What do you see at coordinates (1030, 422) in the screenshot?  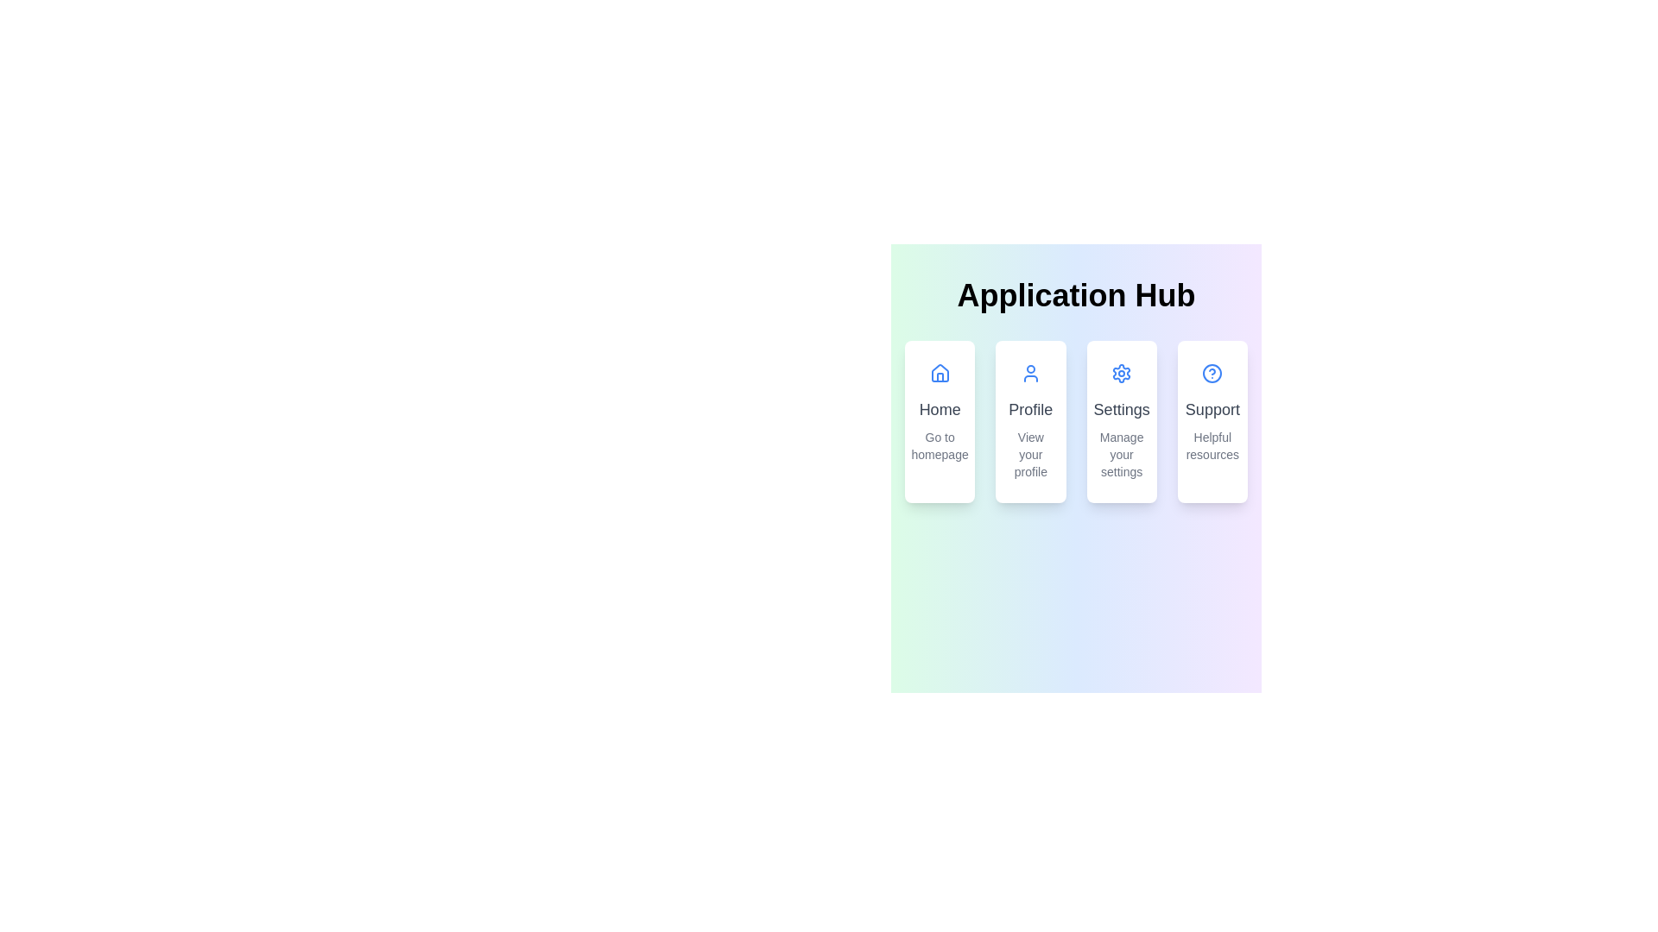 I see `the navigation button that directs the user to their profile page` at bounding box center [1030, 422].